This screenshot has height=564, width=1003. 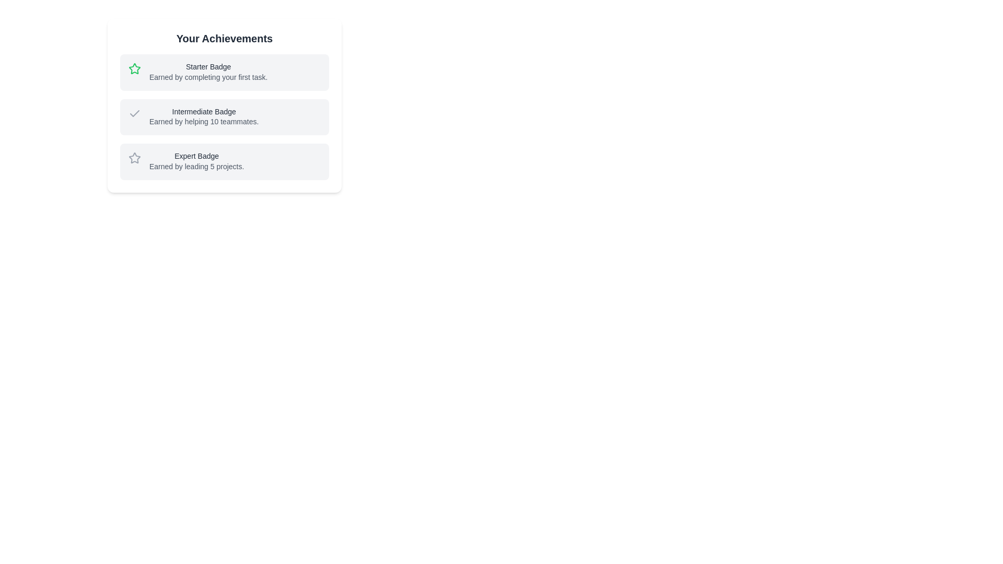 What do you see at coordinates (224, 116) in the screenshot?
I see `the 'Intermediate Badge' informational badge, which is the middle item in the list of achievements displaying a checkmark icon and the text 'Intermediate Badge'` at bounding box center [224, 116].